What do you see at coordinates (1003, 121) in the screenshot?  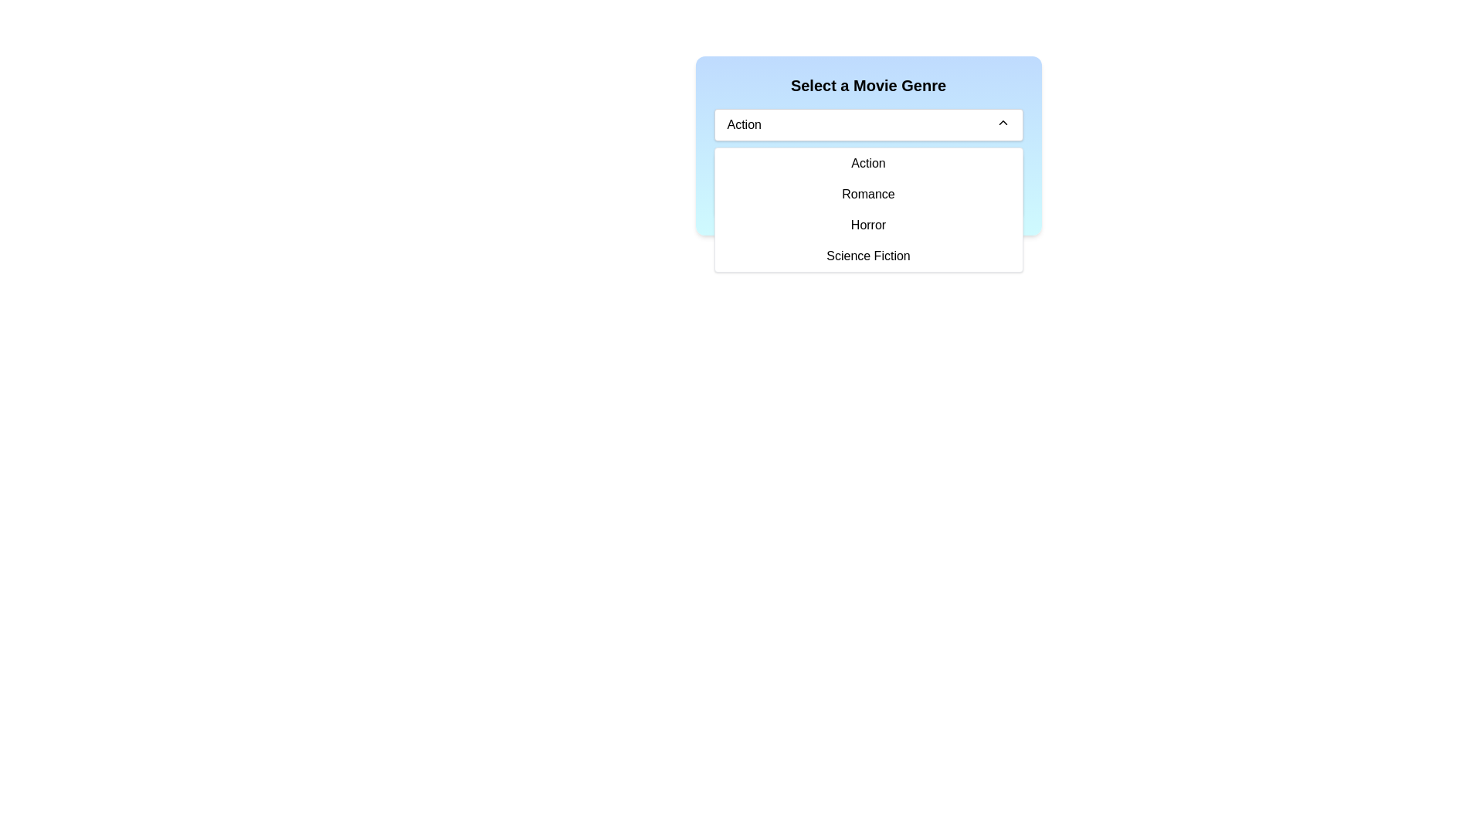 I see `the Chevron-Up Arrow icon located on the right side of the 'Action' dropdown menu` at bounding box center [1003, 121].